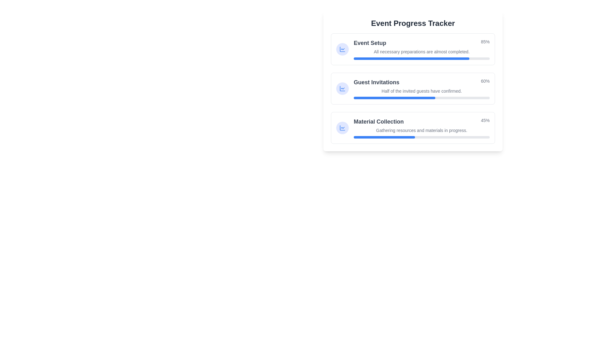 Image resolution: width=600 pixels, height=337 pixels. What do you see at coordinates (356, 59) in the screenshot?
I see `the progress of the bar` at bounding box center [356, 59].